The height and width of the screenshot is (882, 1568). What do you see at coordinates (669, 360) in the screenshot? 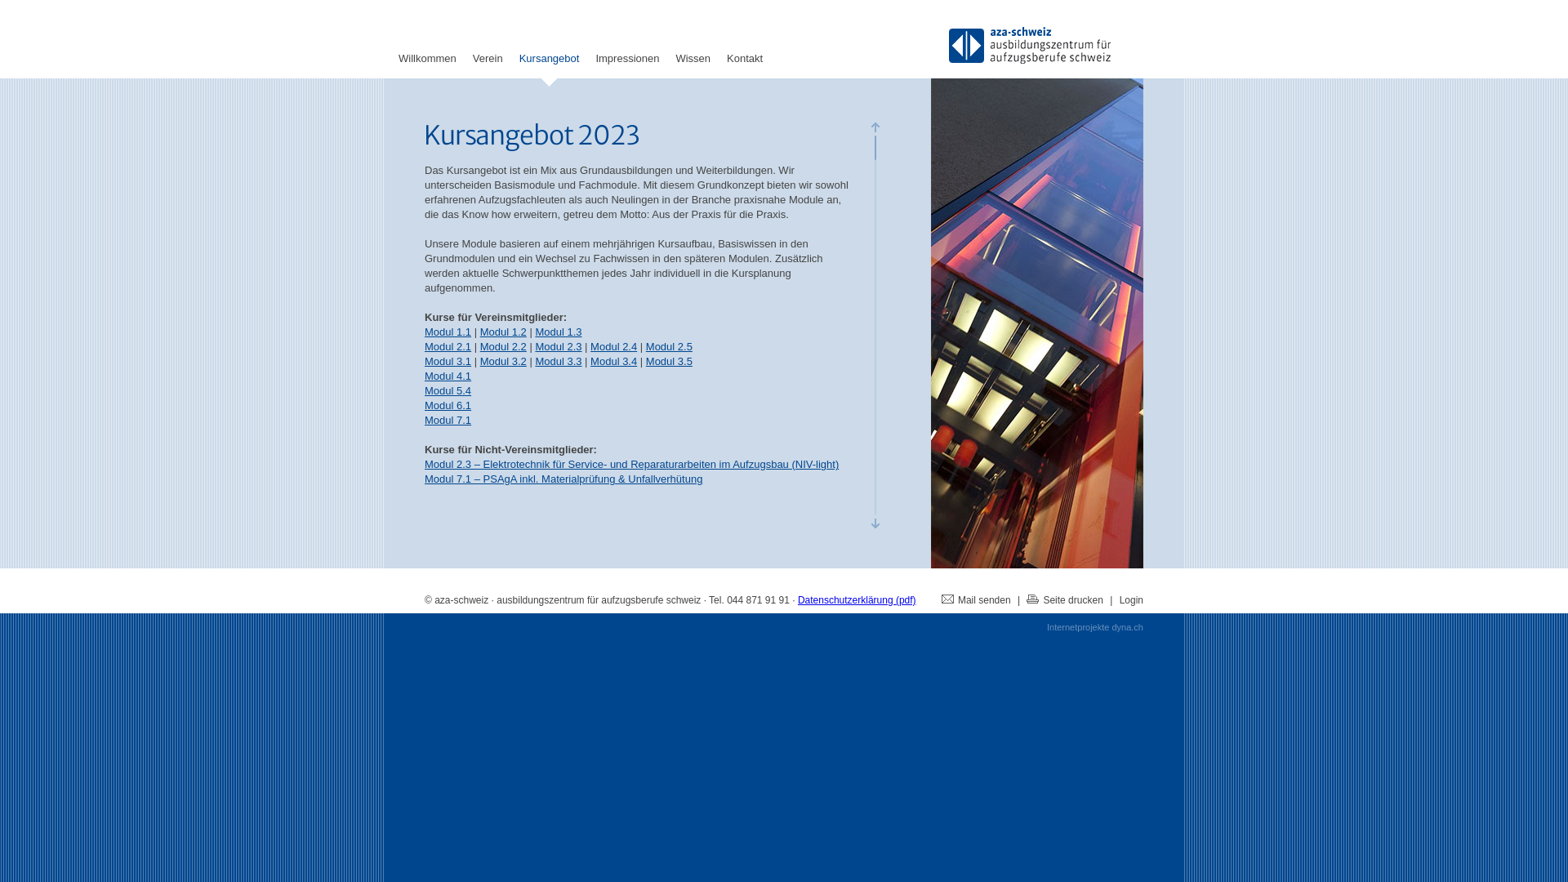
I see `'Modul 3.5'` at bounding box center [669, 360].